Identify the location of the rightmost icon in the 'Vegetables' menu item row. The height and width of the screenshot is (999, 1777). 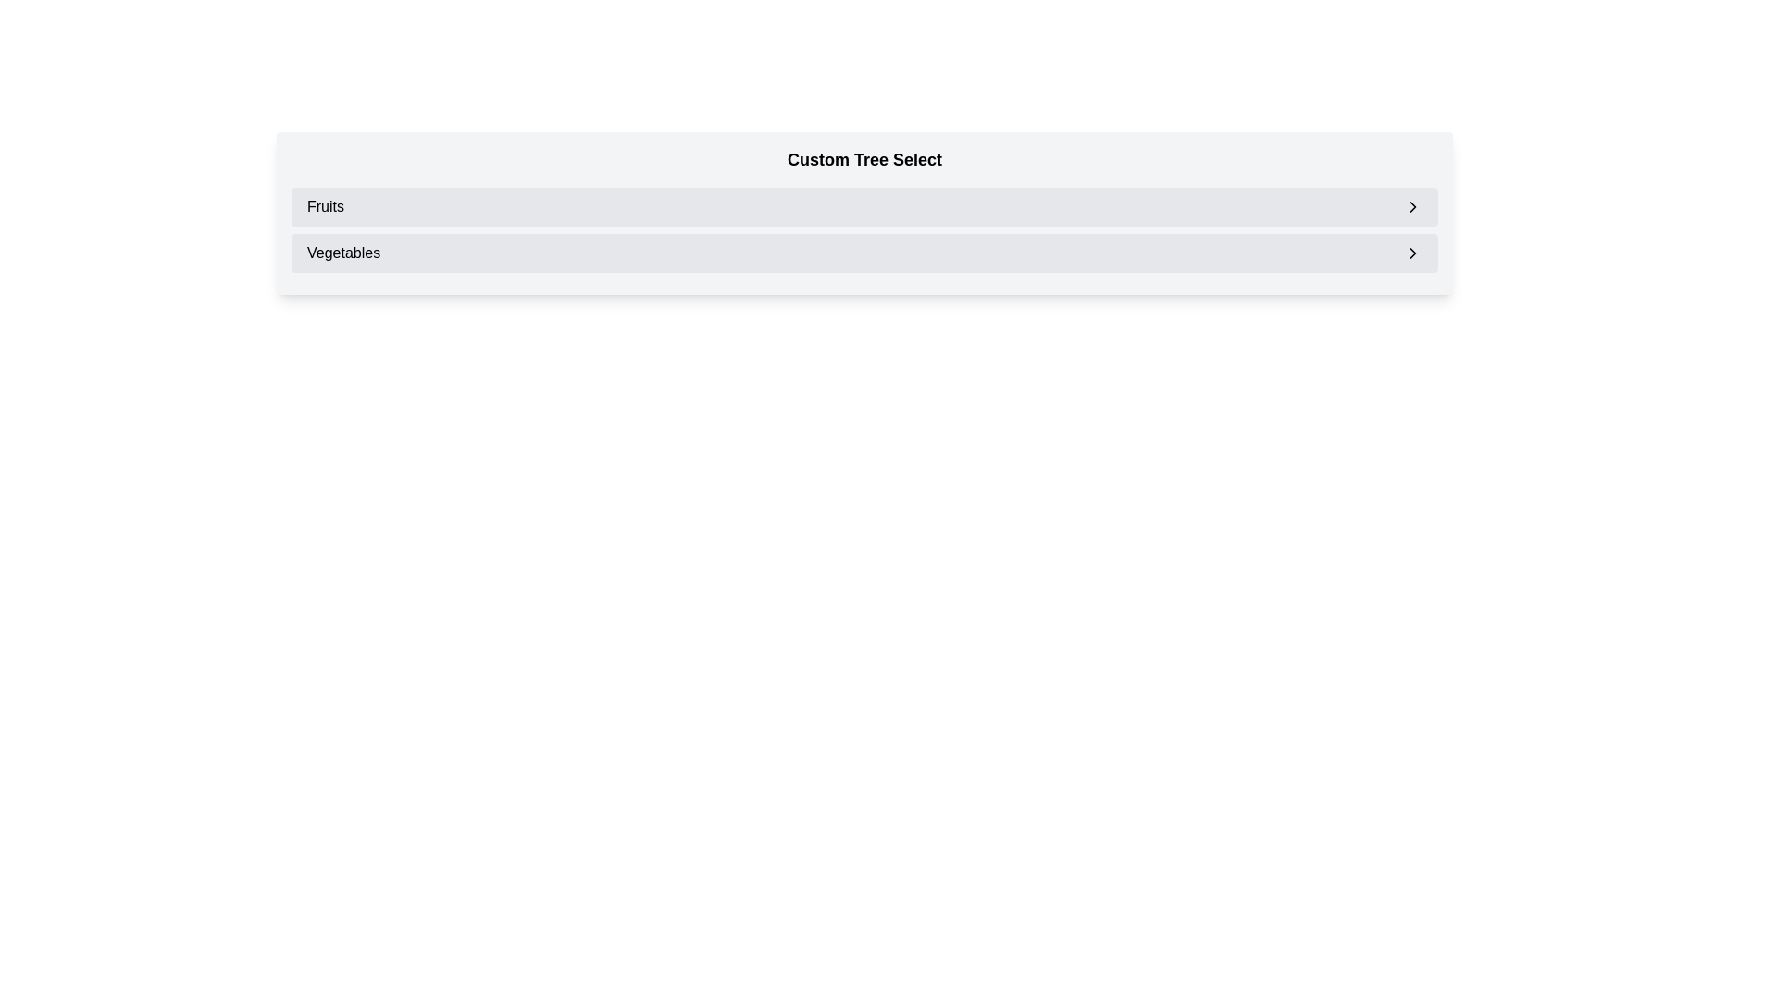
(1411, 253).